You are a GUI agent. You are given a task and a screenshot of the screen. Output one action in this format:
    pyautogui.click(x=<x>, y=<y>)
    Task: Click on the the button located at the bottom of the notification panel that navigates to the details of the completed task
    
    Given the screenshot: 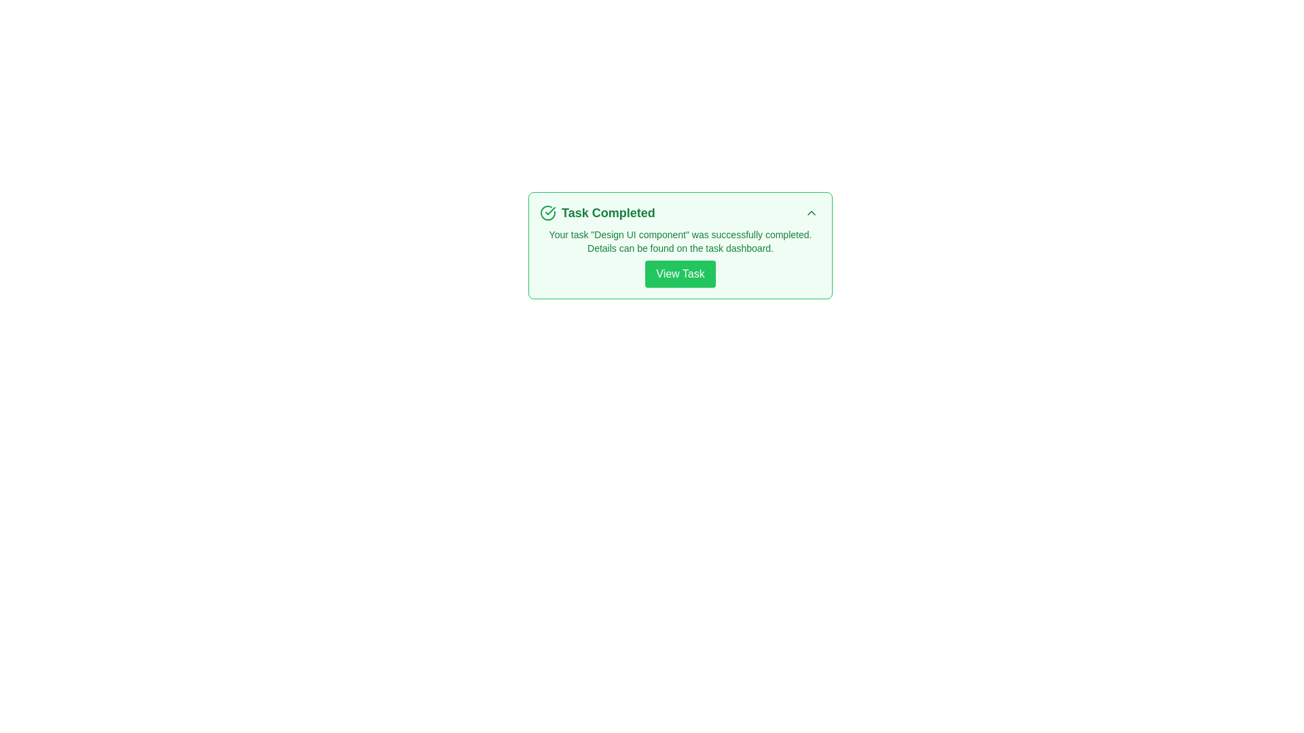 What is the action you would take?
    pyautogui.click(x=681, y=274)
    